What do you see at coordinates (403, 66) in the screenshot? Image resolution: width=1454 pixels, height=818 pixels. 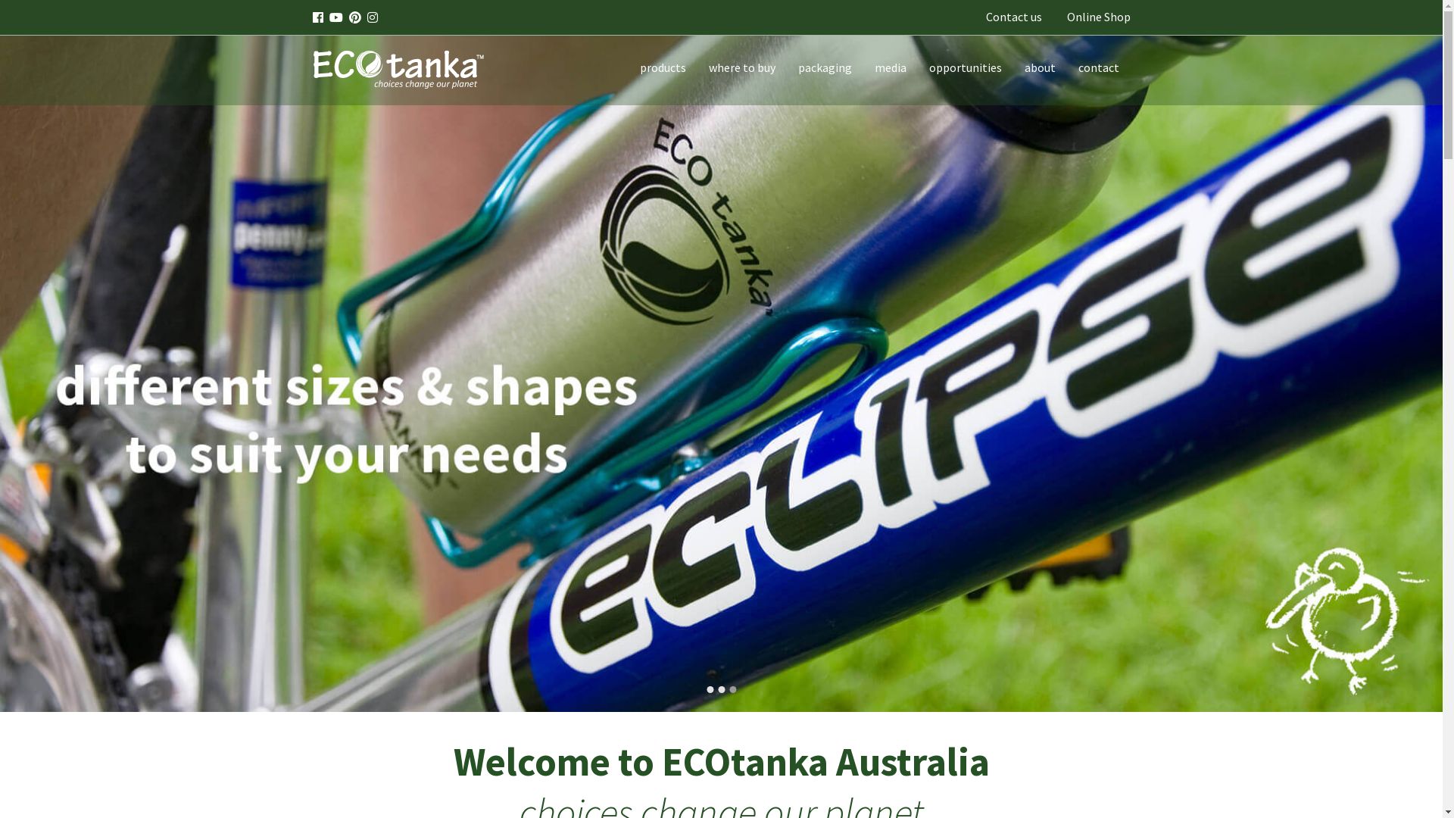 I see `'Home'` at bounding box center [403, 66].